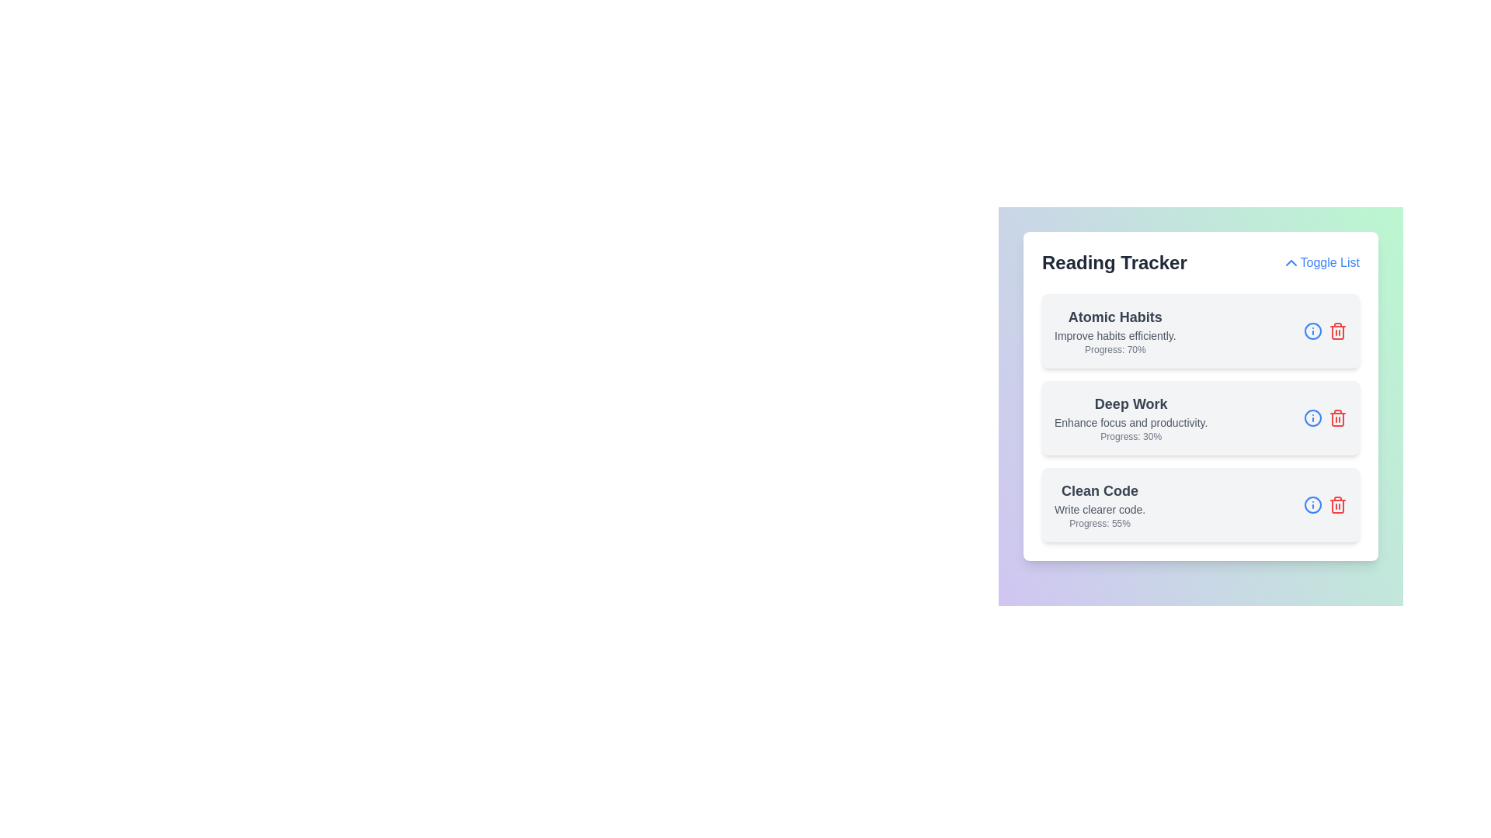  Describe the element at coordinates (1099, 505) in the screenshot. I see `the third item in the 'Reading Tracker' section, which summarizes a reading tracker item including the title, subtitle, and progress percentage` at that location.